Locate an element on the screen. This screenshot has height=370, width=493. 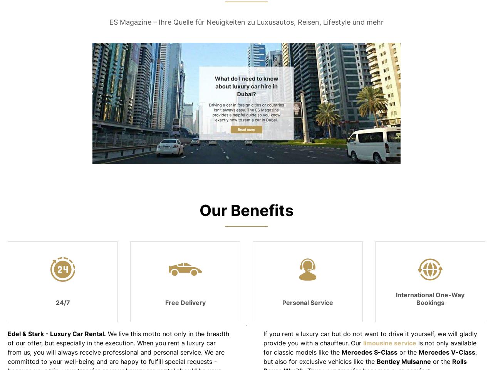
'is not only available for classic models like the' is located at coordinates (370, 347).